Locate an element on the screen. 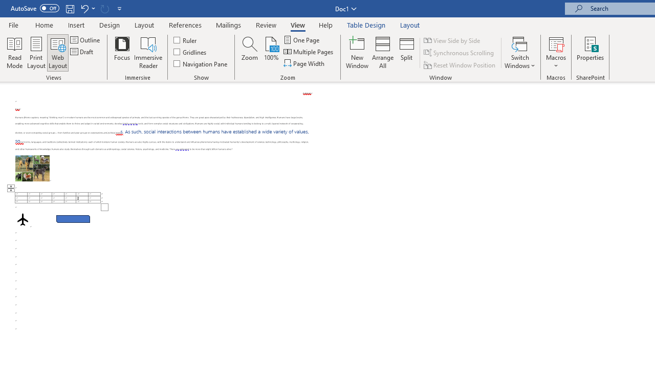 The height and width of the screenshot is (368, 655). 'Read Mode' is located at coordinates (14, 53).